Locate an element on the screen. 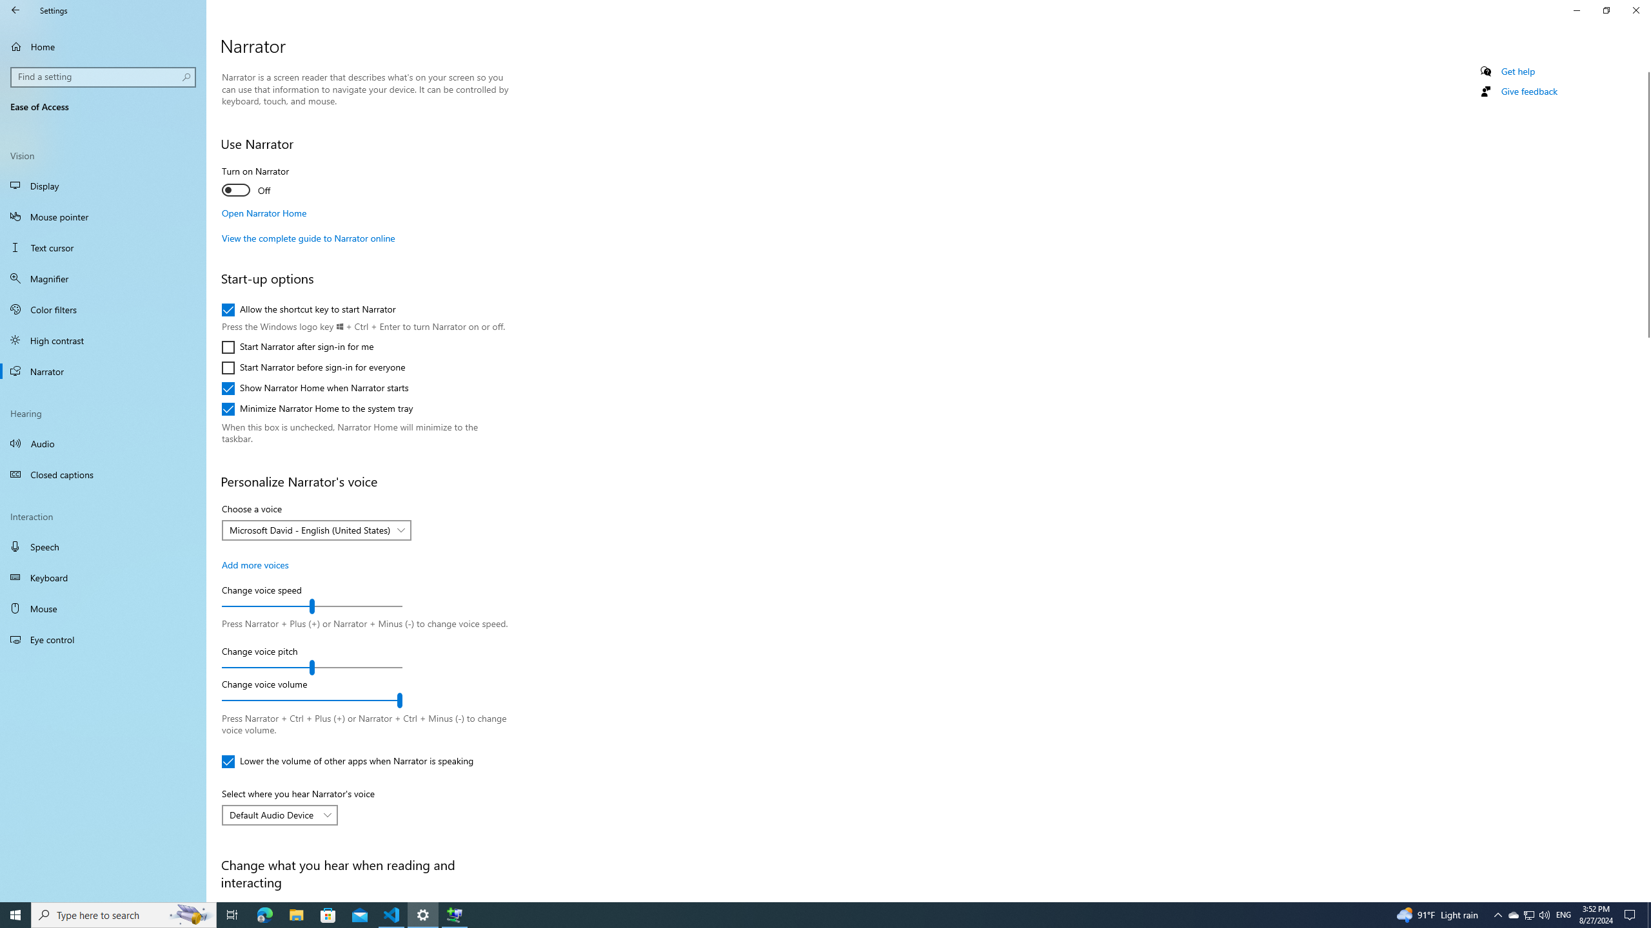 This screenshot has width=1651, height=928. 'Notification Chevron' is located at coordinates (1498, 914).